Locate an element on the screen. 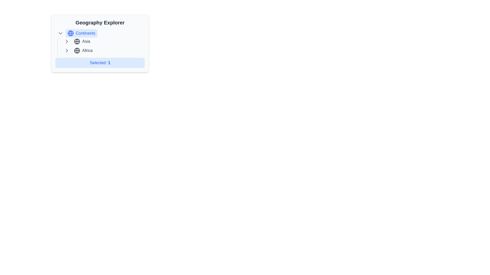  the first Button-like List Item in the 'Geography Explorer' section of the hierarchical navigation menu is located at coordinates (101, 33).